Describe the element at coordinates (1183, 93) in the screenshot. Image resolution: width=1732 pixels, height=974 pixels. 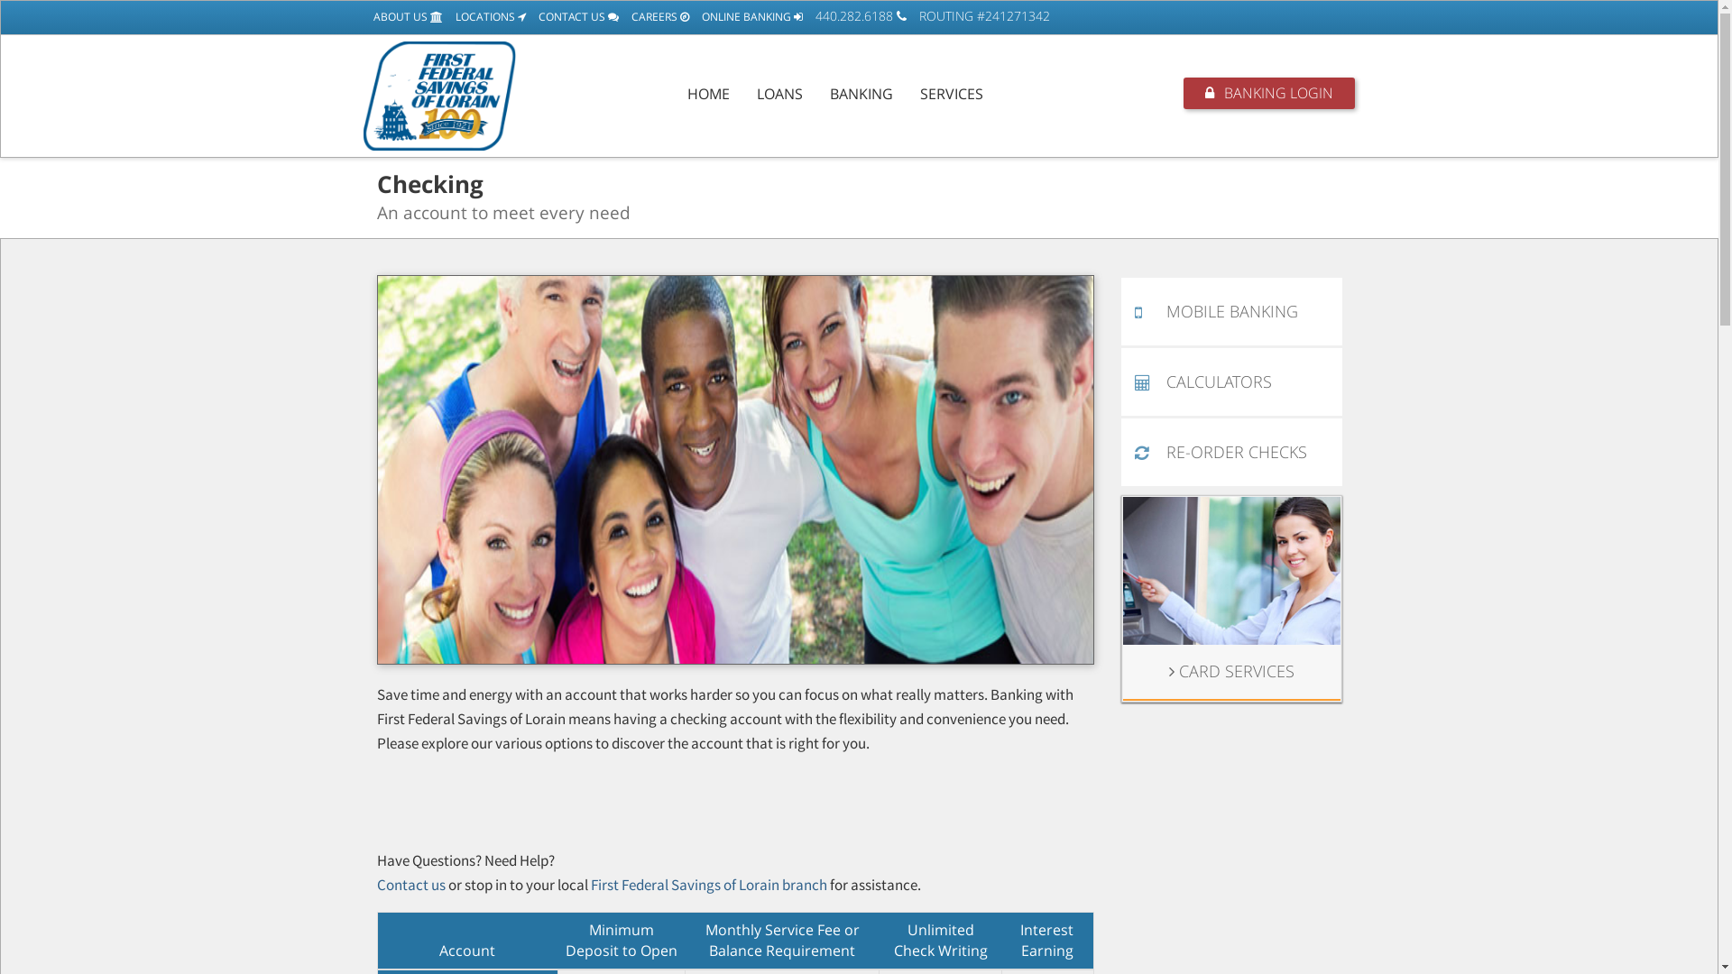
I see `'BANKING LOGIN'` at that location.